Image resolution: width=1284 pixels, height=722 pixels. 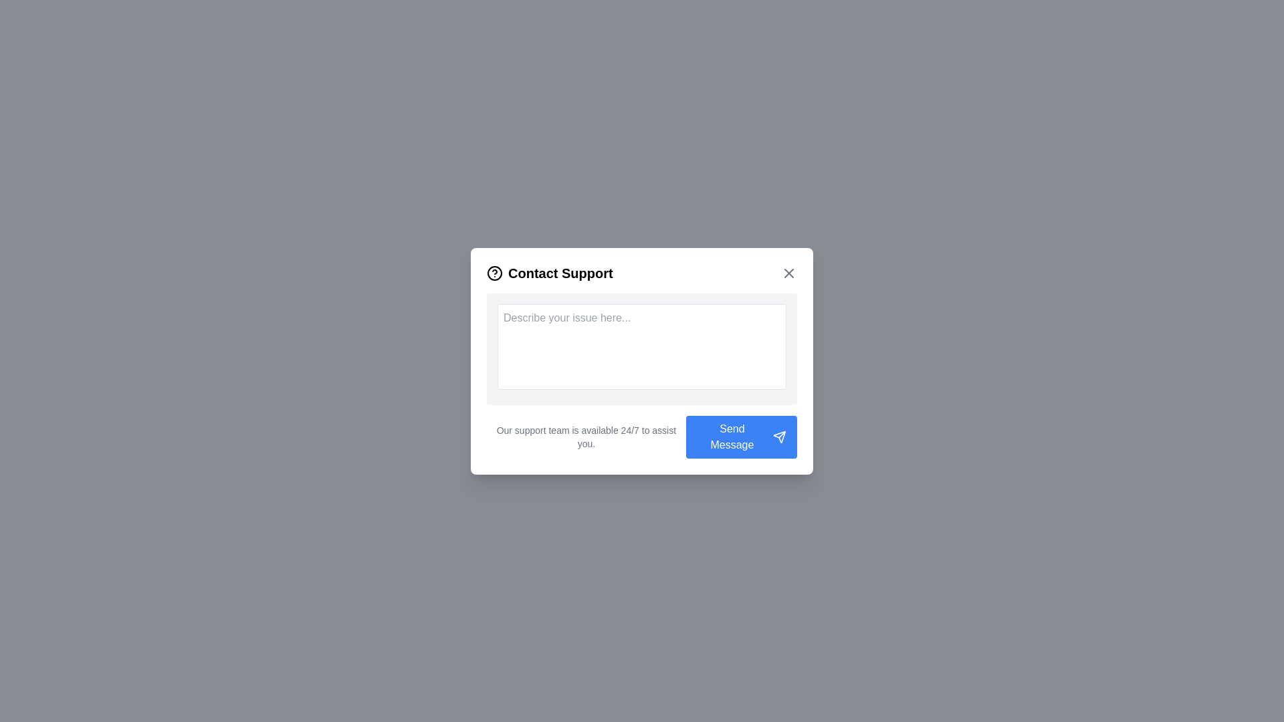 What do you see at coordinates (789, 272) in the screenshot?
I see `the 'X' icon button in the upper-right corner of the 'Contact Support' dialog` at bounding box center [789, 272].